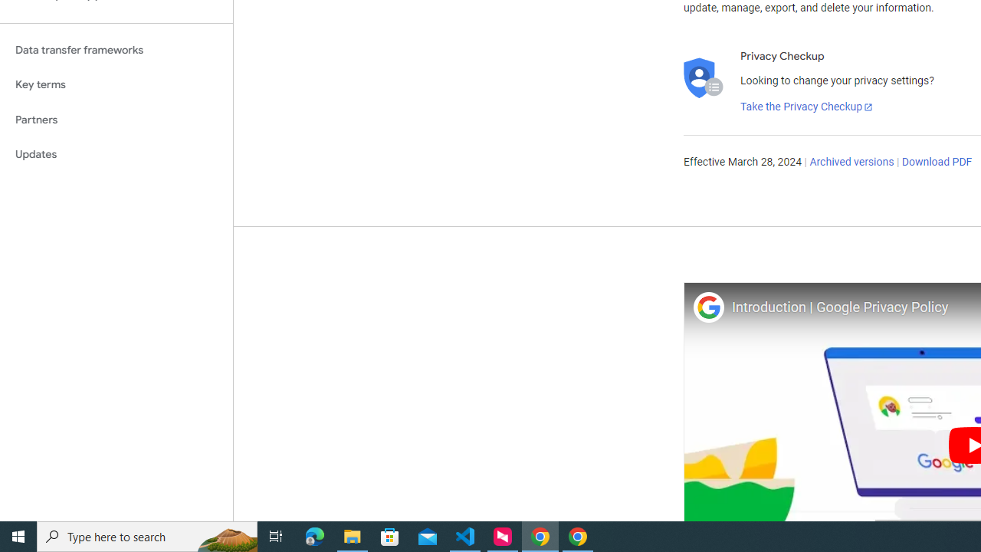 The height and width of the screenshot is (552, 981). I want to click on 'Archived versions', so click(851, 163).